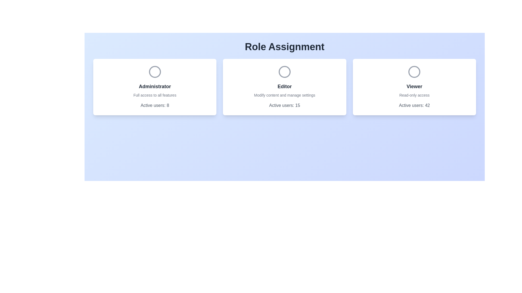  I want to click on the role Viewer by clicking its icon, so click(414, 72).